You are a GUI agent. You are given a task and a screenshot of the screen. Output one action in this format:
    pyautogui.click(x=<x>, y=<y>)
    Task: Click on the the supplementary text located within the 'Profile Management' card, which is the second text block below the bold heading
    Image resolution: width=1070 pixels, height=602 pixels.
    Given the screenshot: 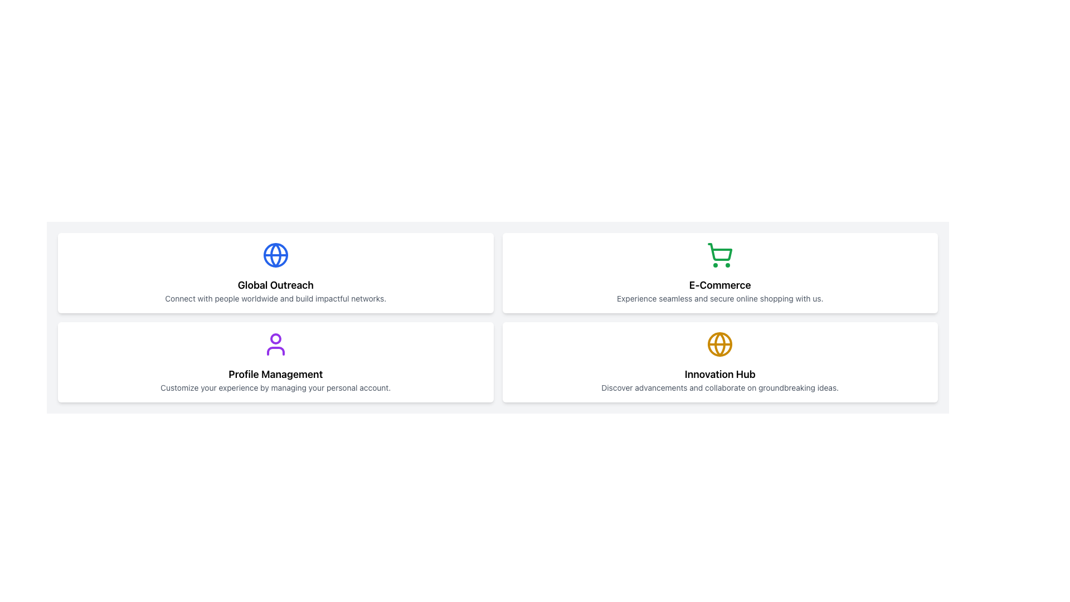 What is the action you would take?
    pyautogui.click(x=275, y=387)
    